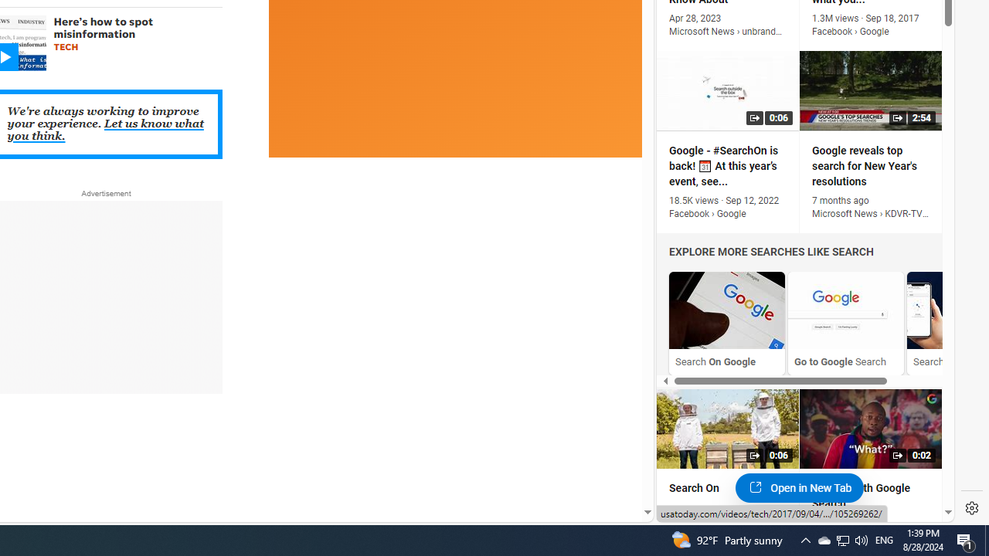 The height and width of the screenshot is (556, 989). What do you see at coordinates (845, 310) in the screenshot?
I see `'Go to Google Search'` at bounding box center [845, 310].